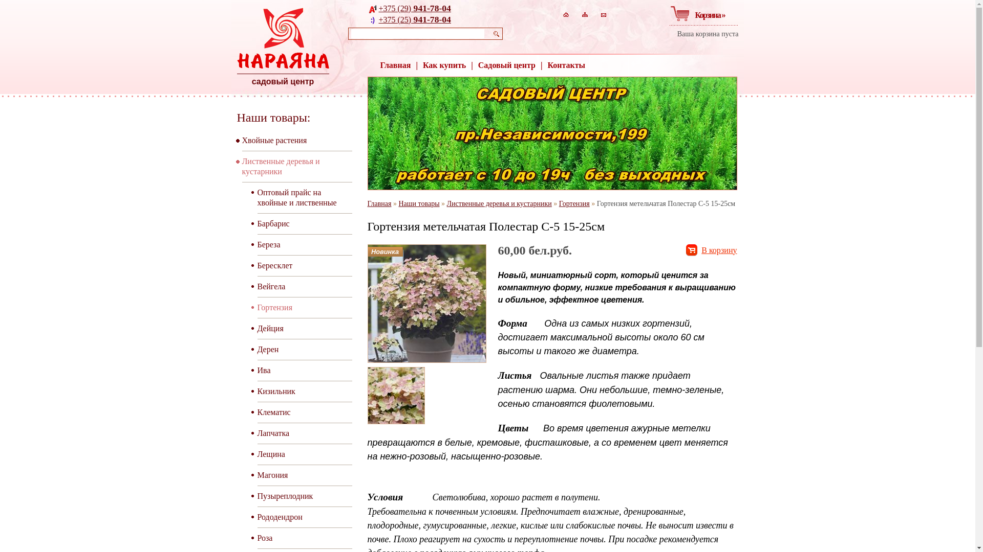 This screenshot has height=552, width=983. Describe the element at coordinates (415, 19) in the screenshot. I see `'+375 (25) 941-78-04'` at that location.